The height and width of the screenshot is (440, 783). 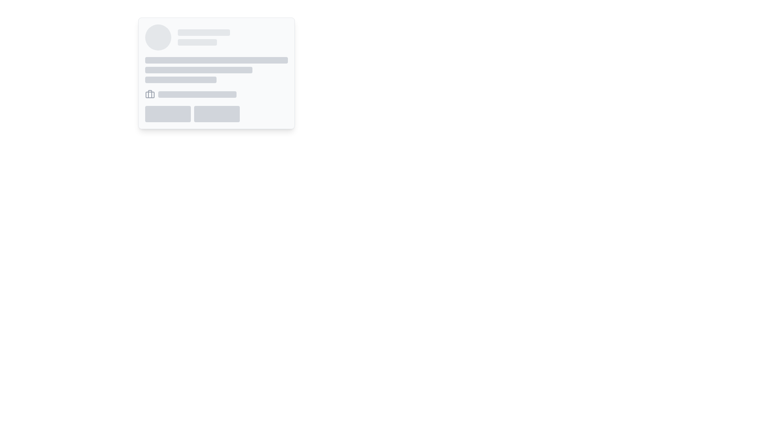 I want to click on the rectangular gray button-like Placeholder element with rounded corners located to the right of its sibling in the lower-right section of the card-like structure, so click(x=217, y=114).